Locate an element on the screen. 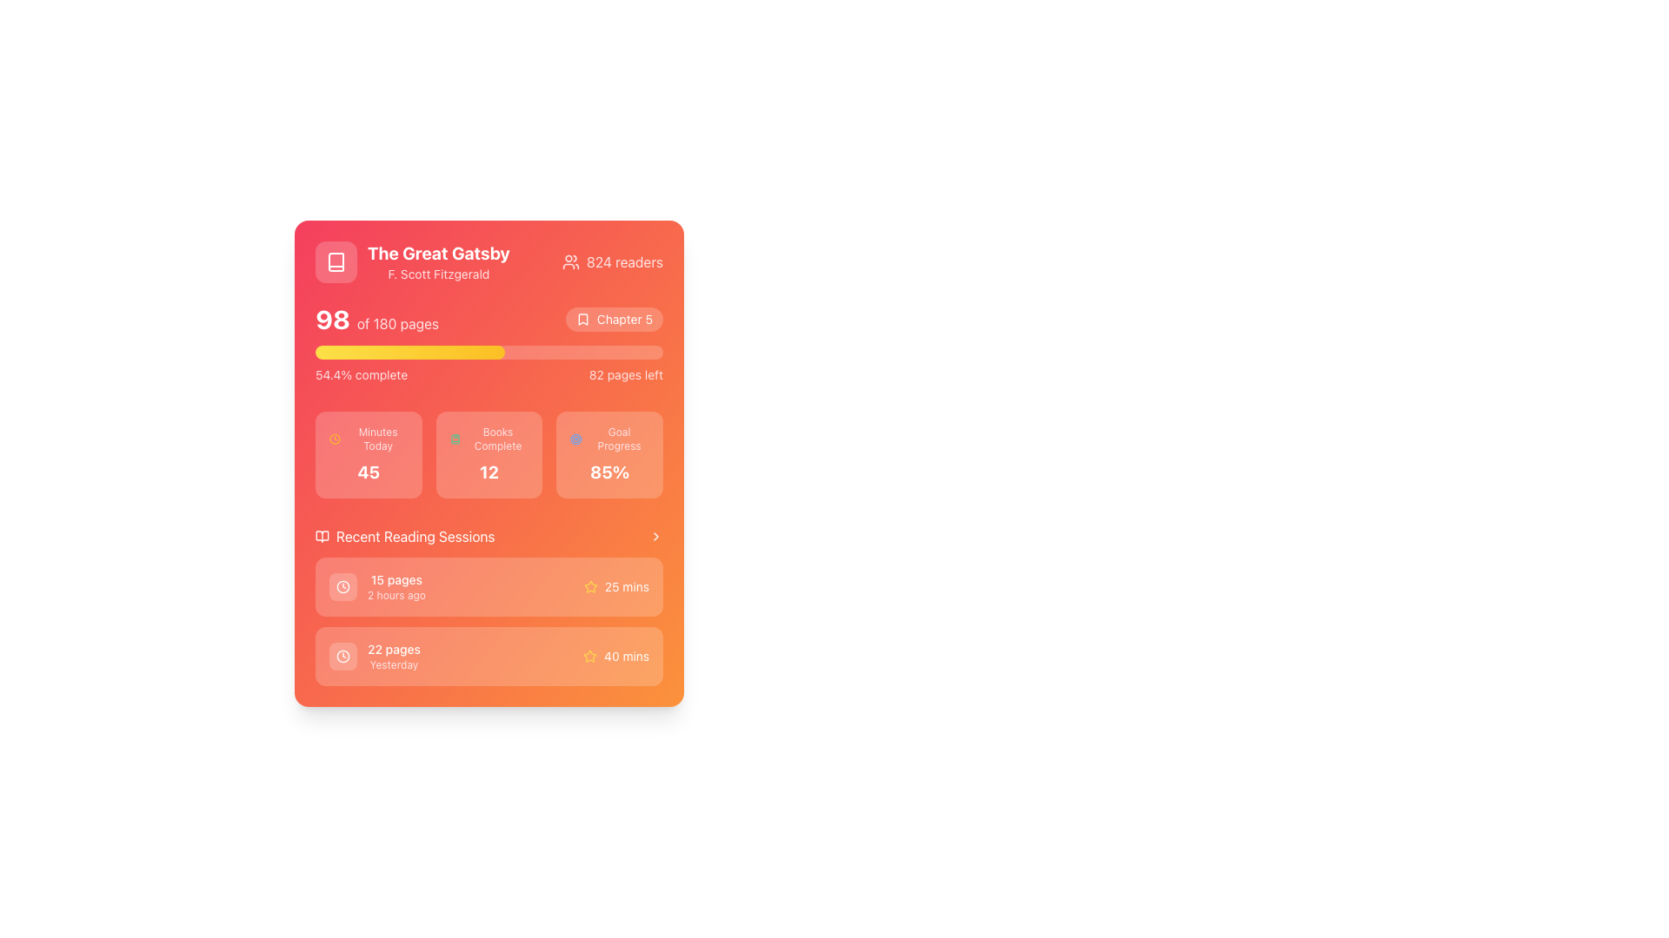 The height and width of the screenshot is (938, 1669). the SVG icon of a book located at the top-left corner of the card interface, near the text 'The Great Gatsby' is located at coordinates (336, 261).